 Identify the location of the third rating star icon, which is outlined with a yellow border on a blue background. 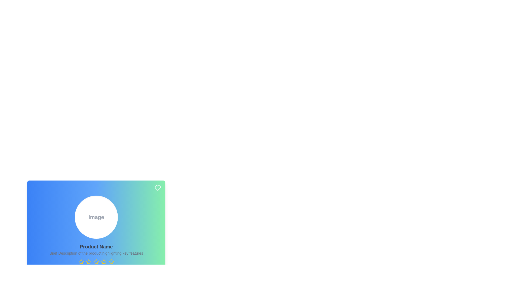
(96, 261).